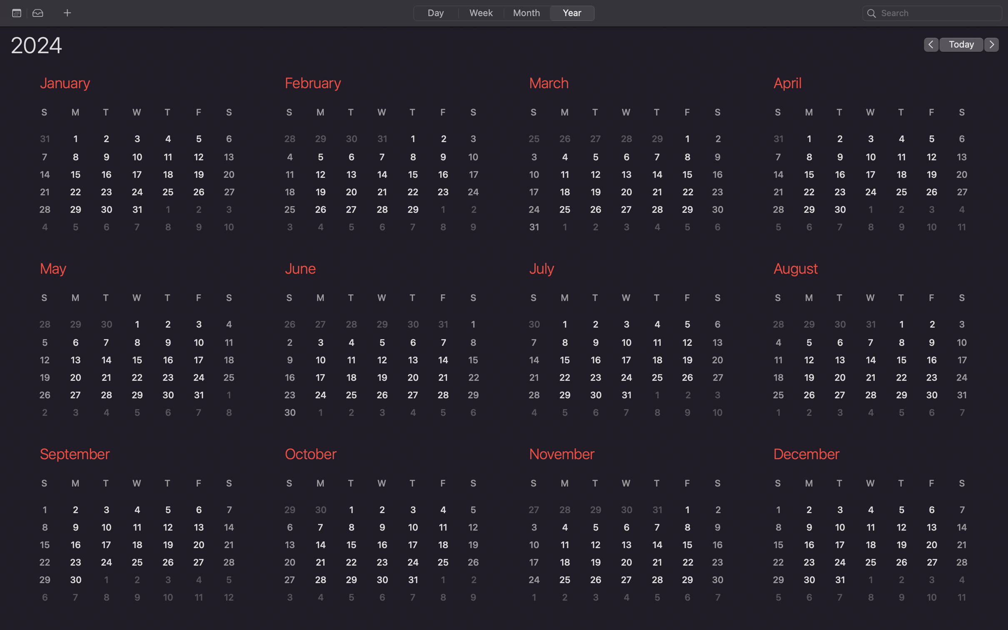 The height and width of the screenshot is (630, 1008). Describe the element at coordinates (597, 360) in the screenshot. I see `July 16th in the calendar application` at that location.